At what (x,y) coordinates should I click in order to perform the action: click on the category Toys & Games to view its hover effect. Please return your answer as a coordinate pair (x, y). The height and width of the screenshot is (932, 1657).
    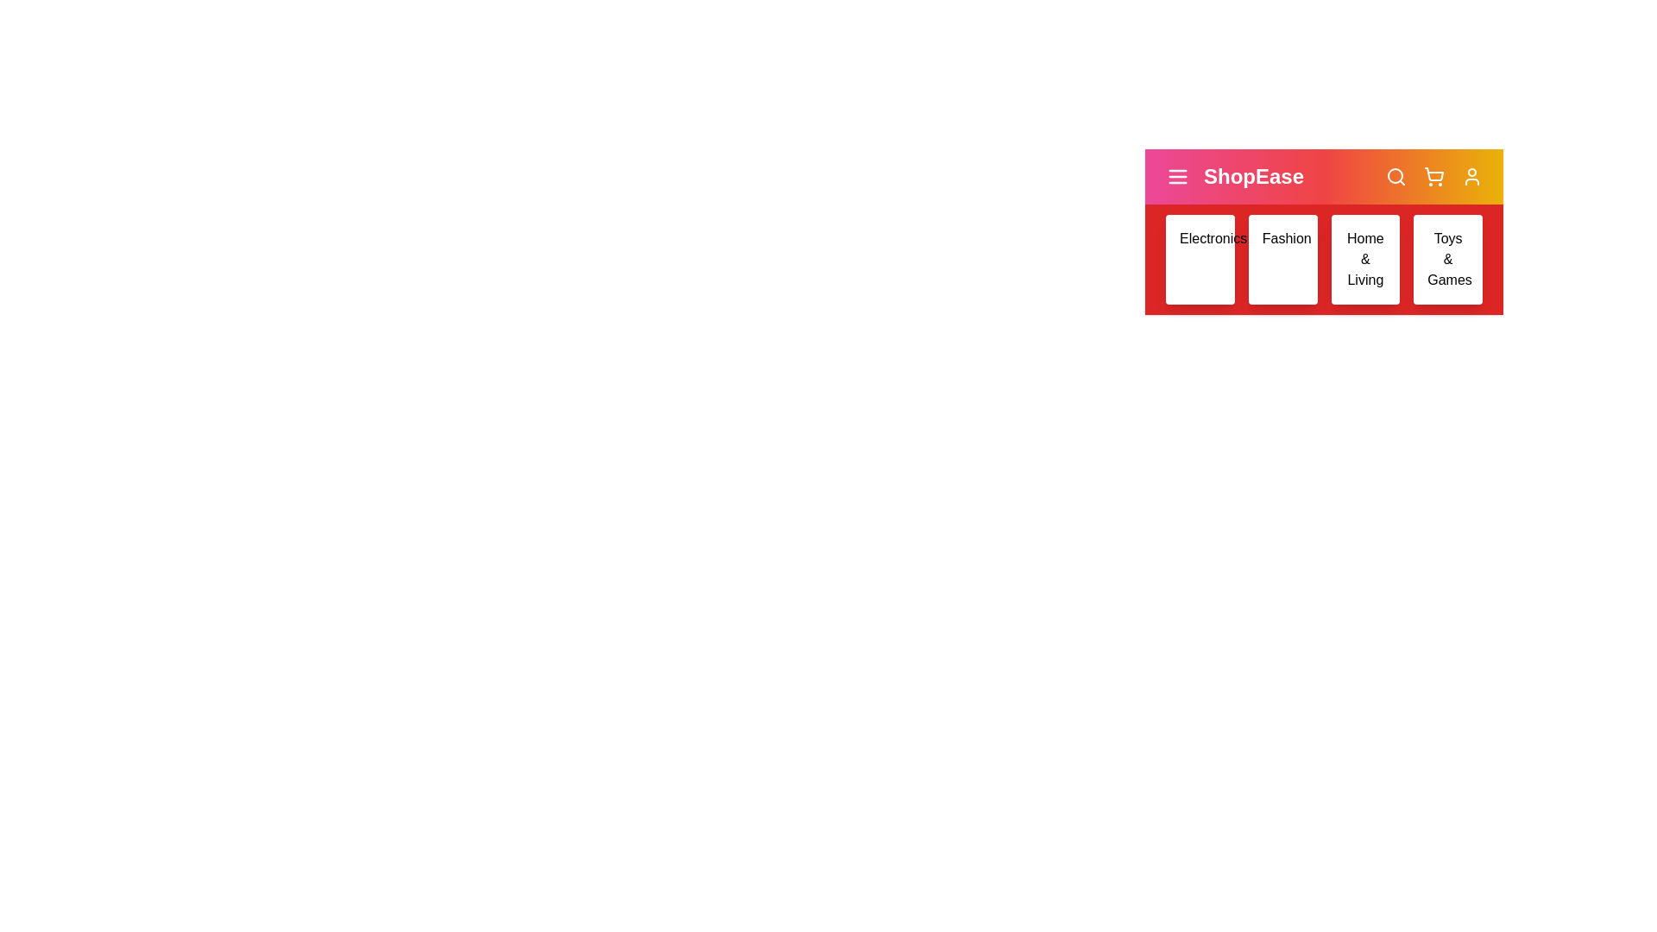
    Looking at the image, I should click on (1448, 259).